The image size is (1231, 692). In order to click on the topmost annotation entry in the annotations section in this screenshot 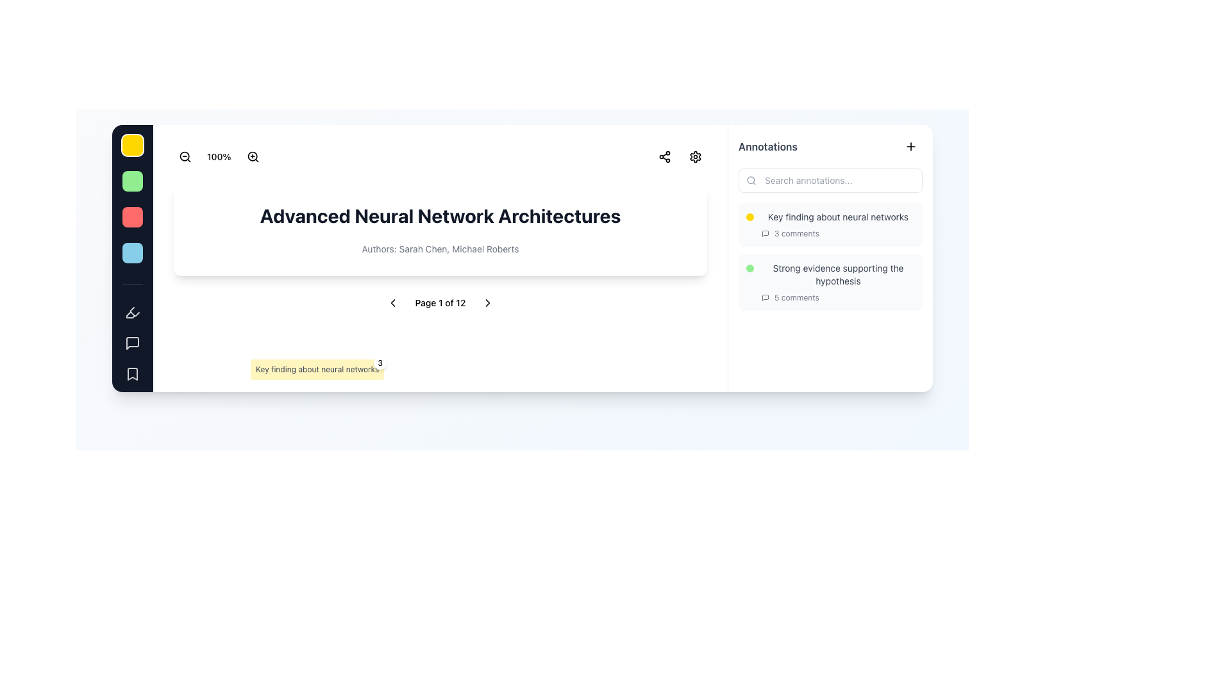, I will do `click(830, 224)`.